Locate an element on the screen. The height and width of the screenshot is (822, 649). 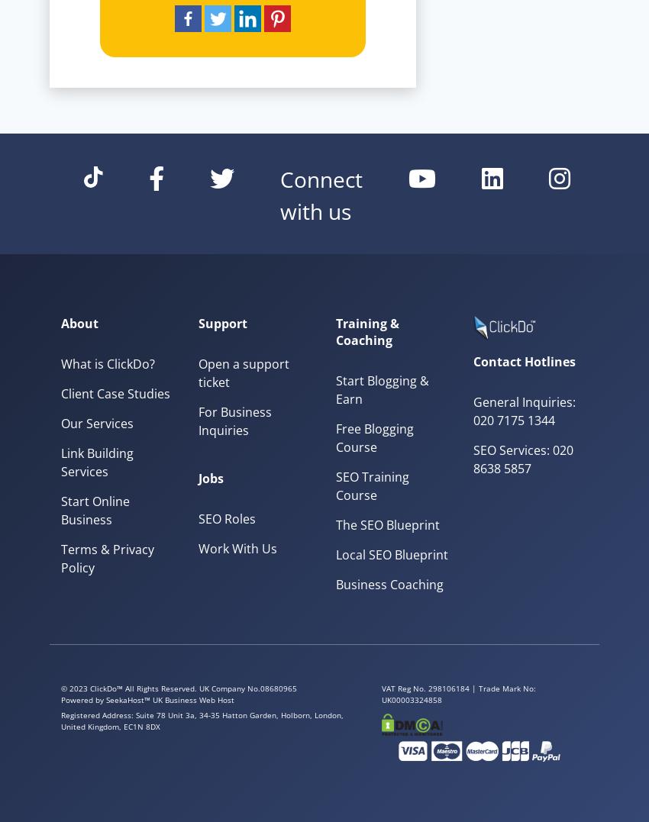
'Start Online Business' is located at coordinates (95, 508).